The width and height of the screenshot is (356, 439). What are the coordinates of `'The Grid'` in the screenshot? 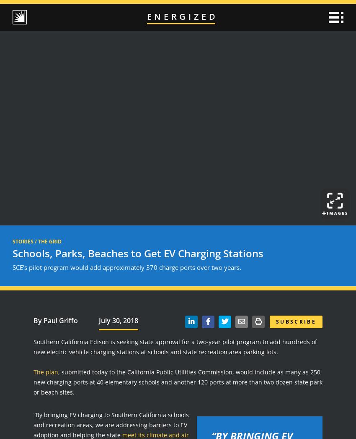 It's located at (49, 241).